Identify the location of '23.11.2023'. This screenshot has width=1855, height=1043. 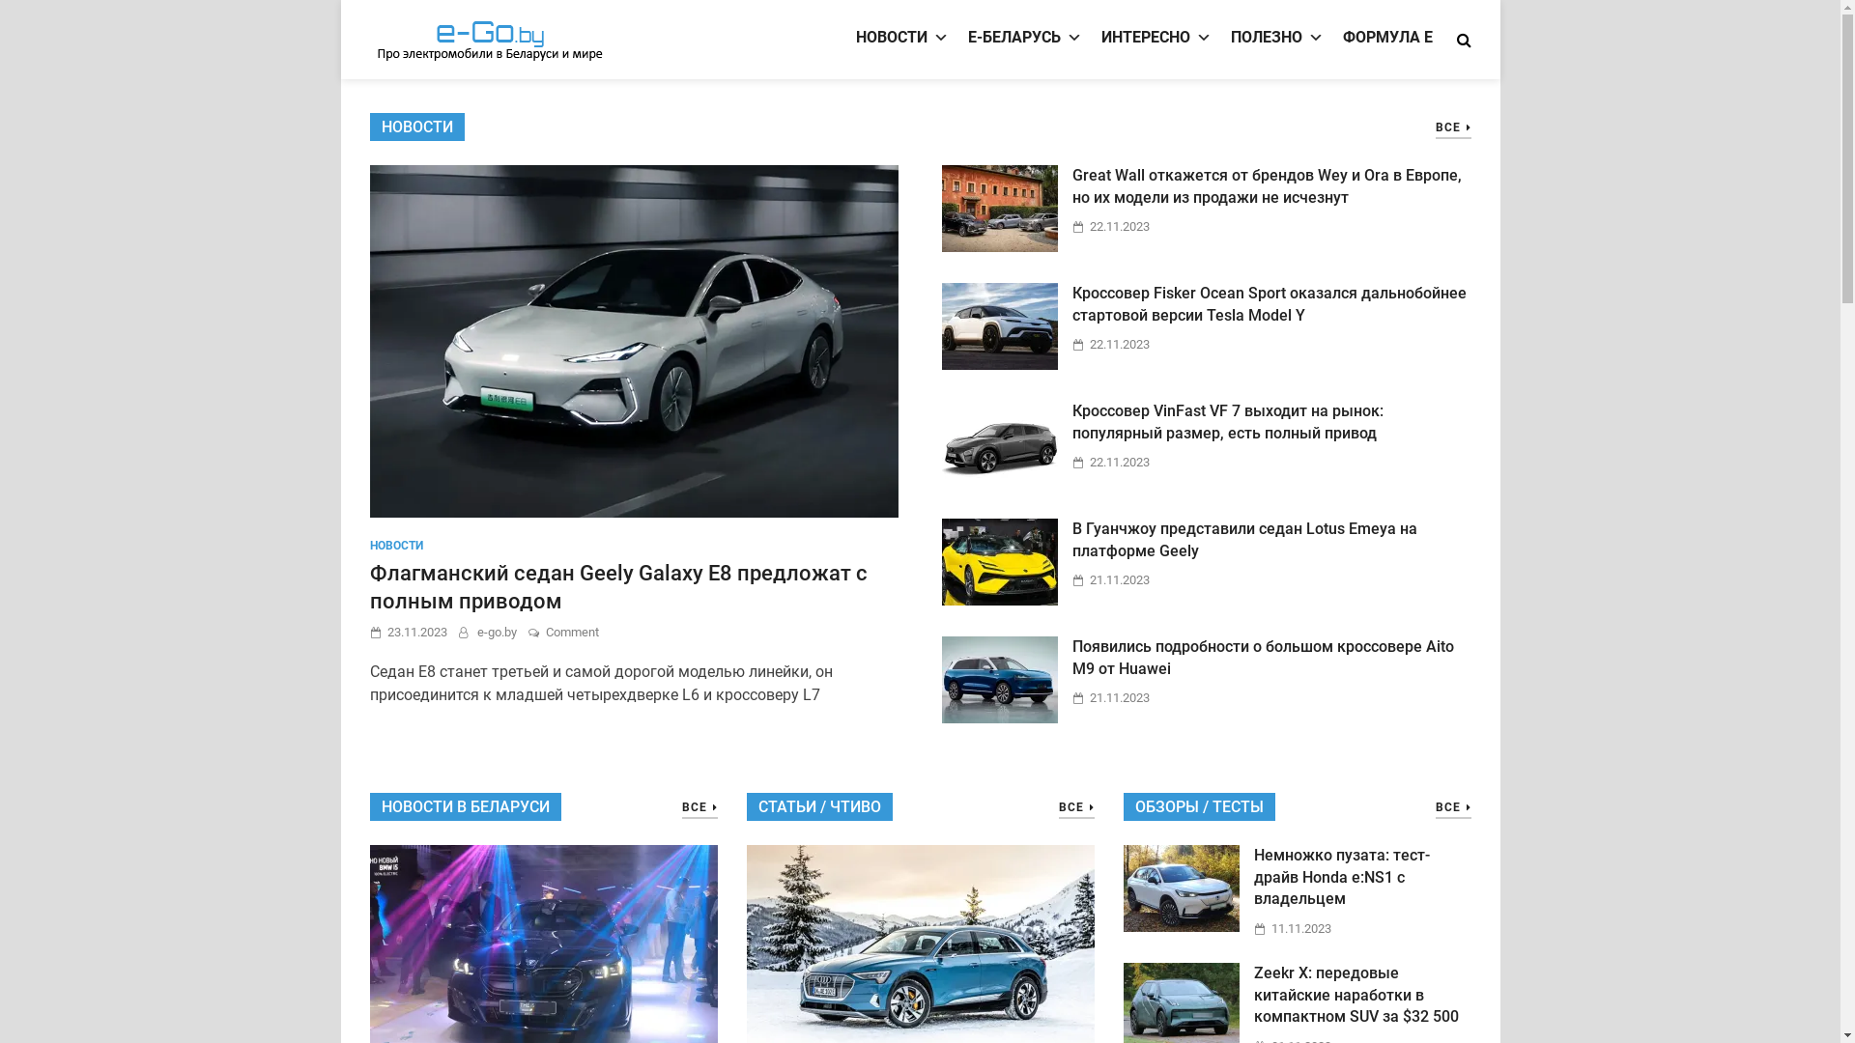
(415, 632).